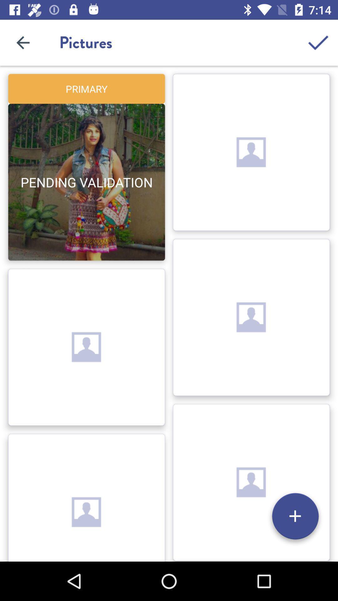 Image resolution: width=338 pixels, height=601 pixels. What do you see at coordinates (295, 519) in the screenshot?
I see `the add icon` at bounding box center [295, 519].